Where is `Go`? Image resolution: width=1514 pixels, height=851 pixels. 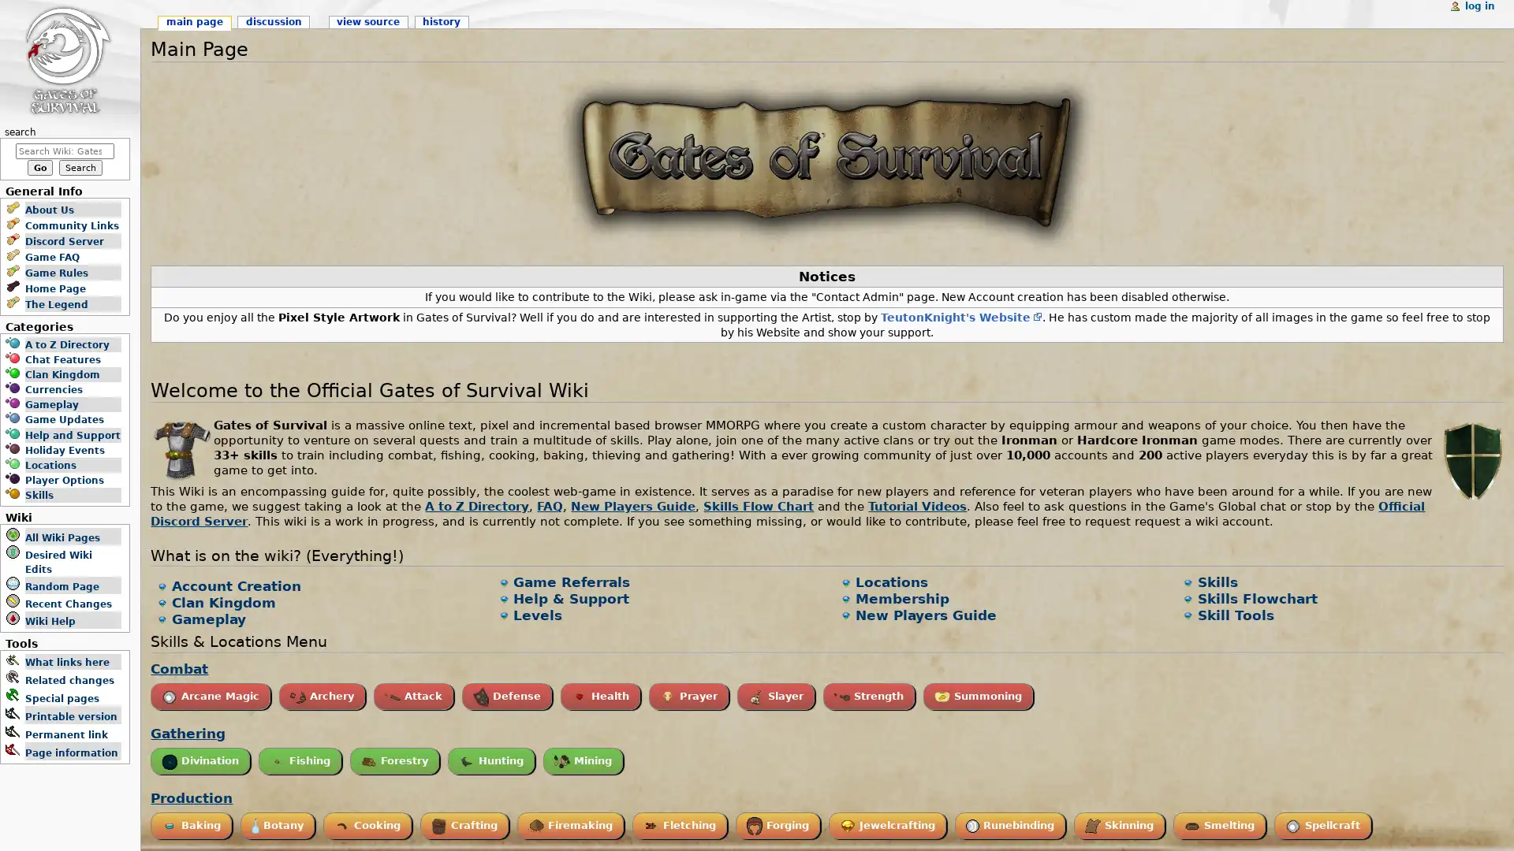 Go is located at coordinates (39, 167).